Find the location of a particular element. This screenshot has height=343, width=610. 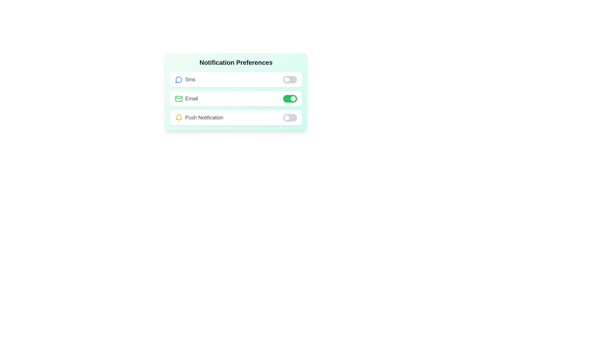

the stylized speech bubble icon that resembles a notification symbol, located near the 'Sms' label in the UI is located at coordinates (178, 79).